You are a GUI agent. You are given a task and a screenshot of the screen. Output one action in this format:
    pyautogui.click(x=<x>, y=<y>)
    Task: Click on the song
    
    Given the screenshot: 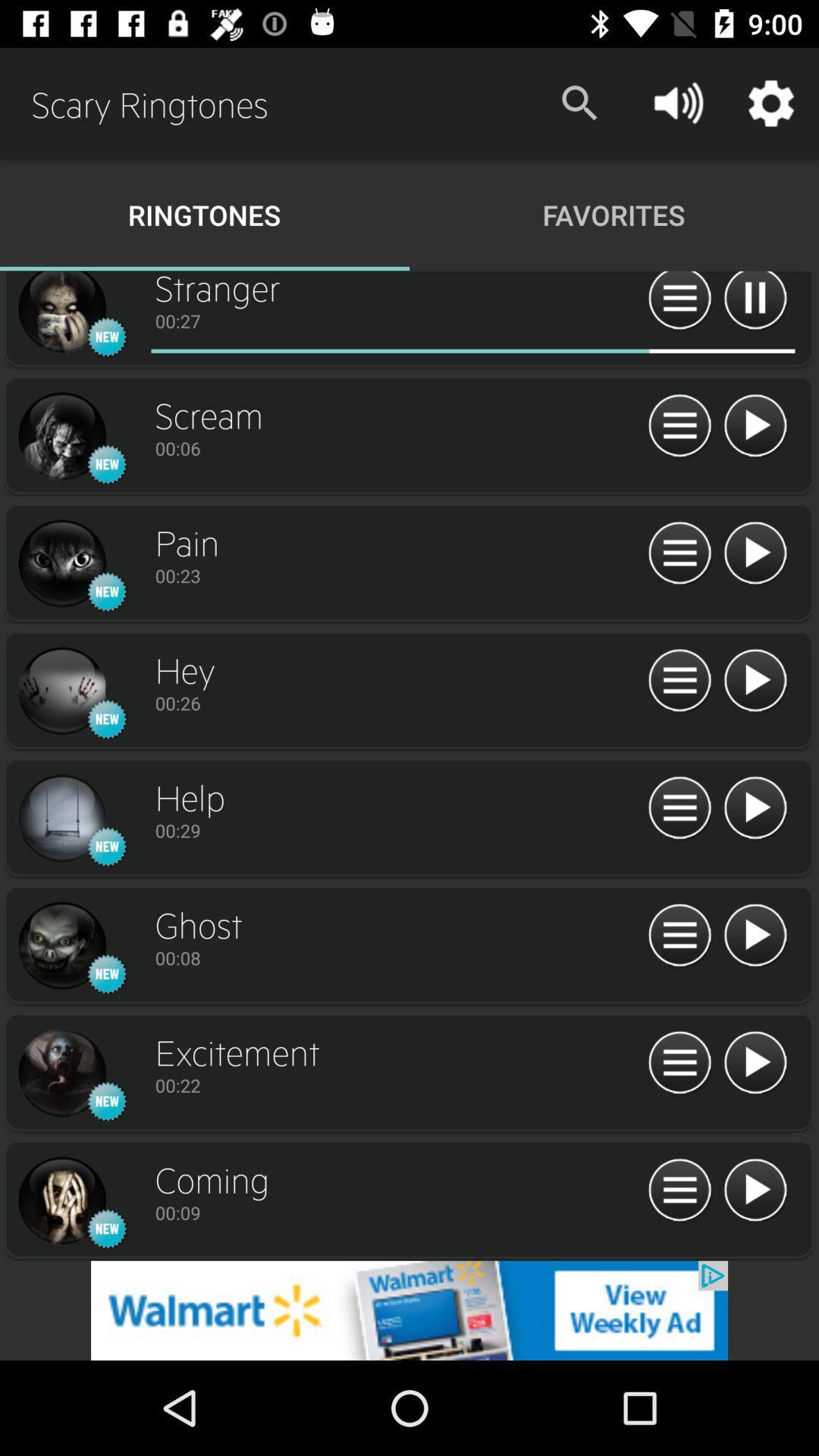 What is the action you would take?
    pyautogui.click(x=755, y=808)
    